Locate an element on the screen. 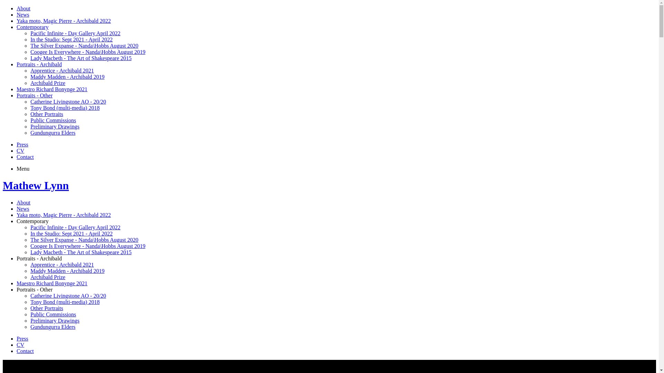  'Portraits - Archibald' is located at coordinates (17, 258).